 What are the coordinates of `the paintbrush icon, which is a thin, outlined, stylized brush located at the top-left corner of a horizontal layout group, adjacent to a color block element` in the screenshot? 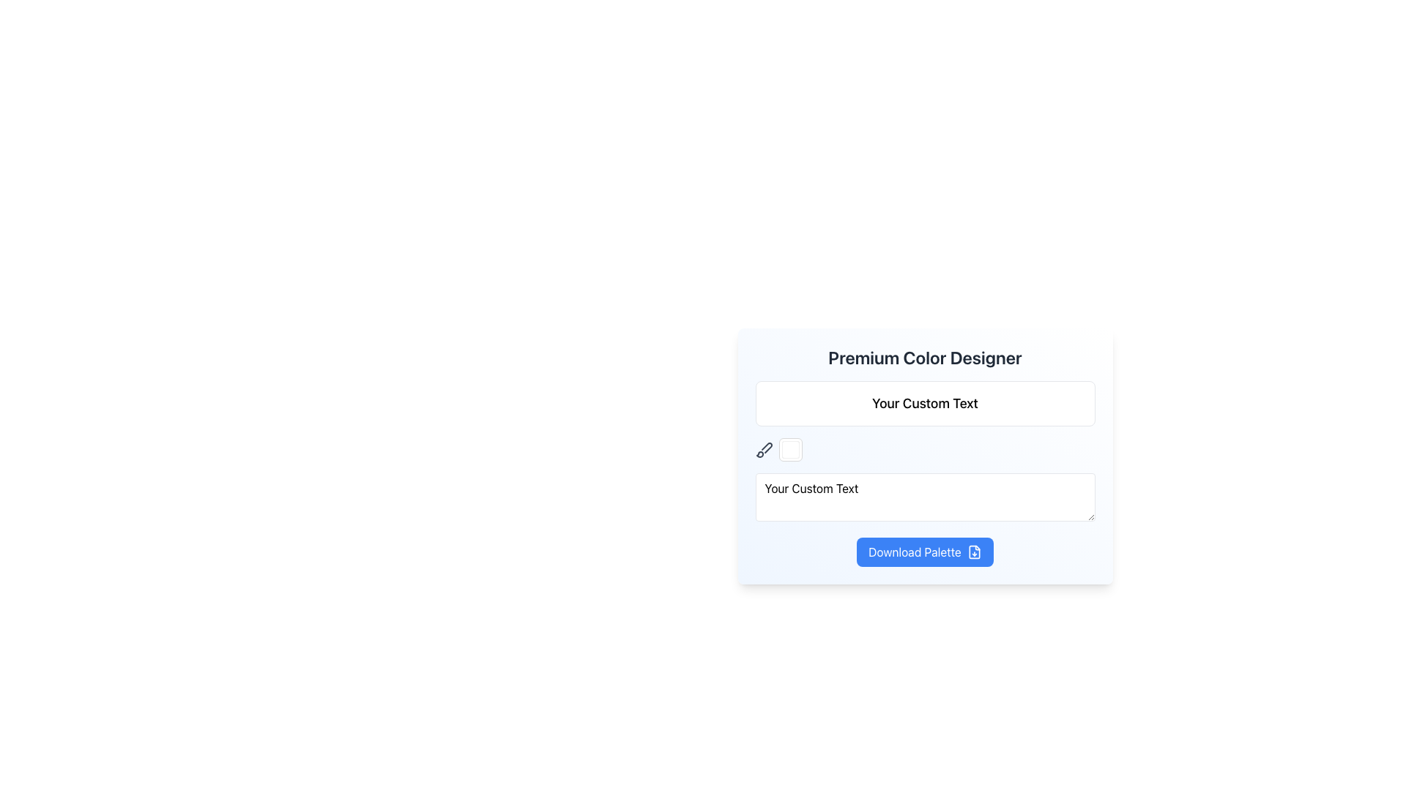 It's located at (763, 448).